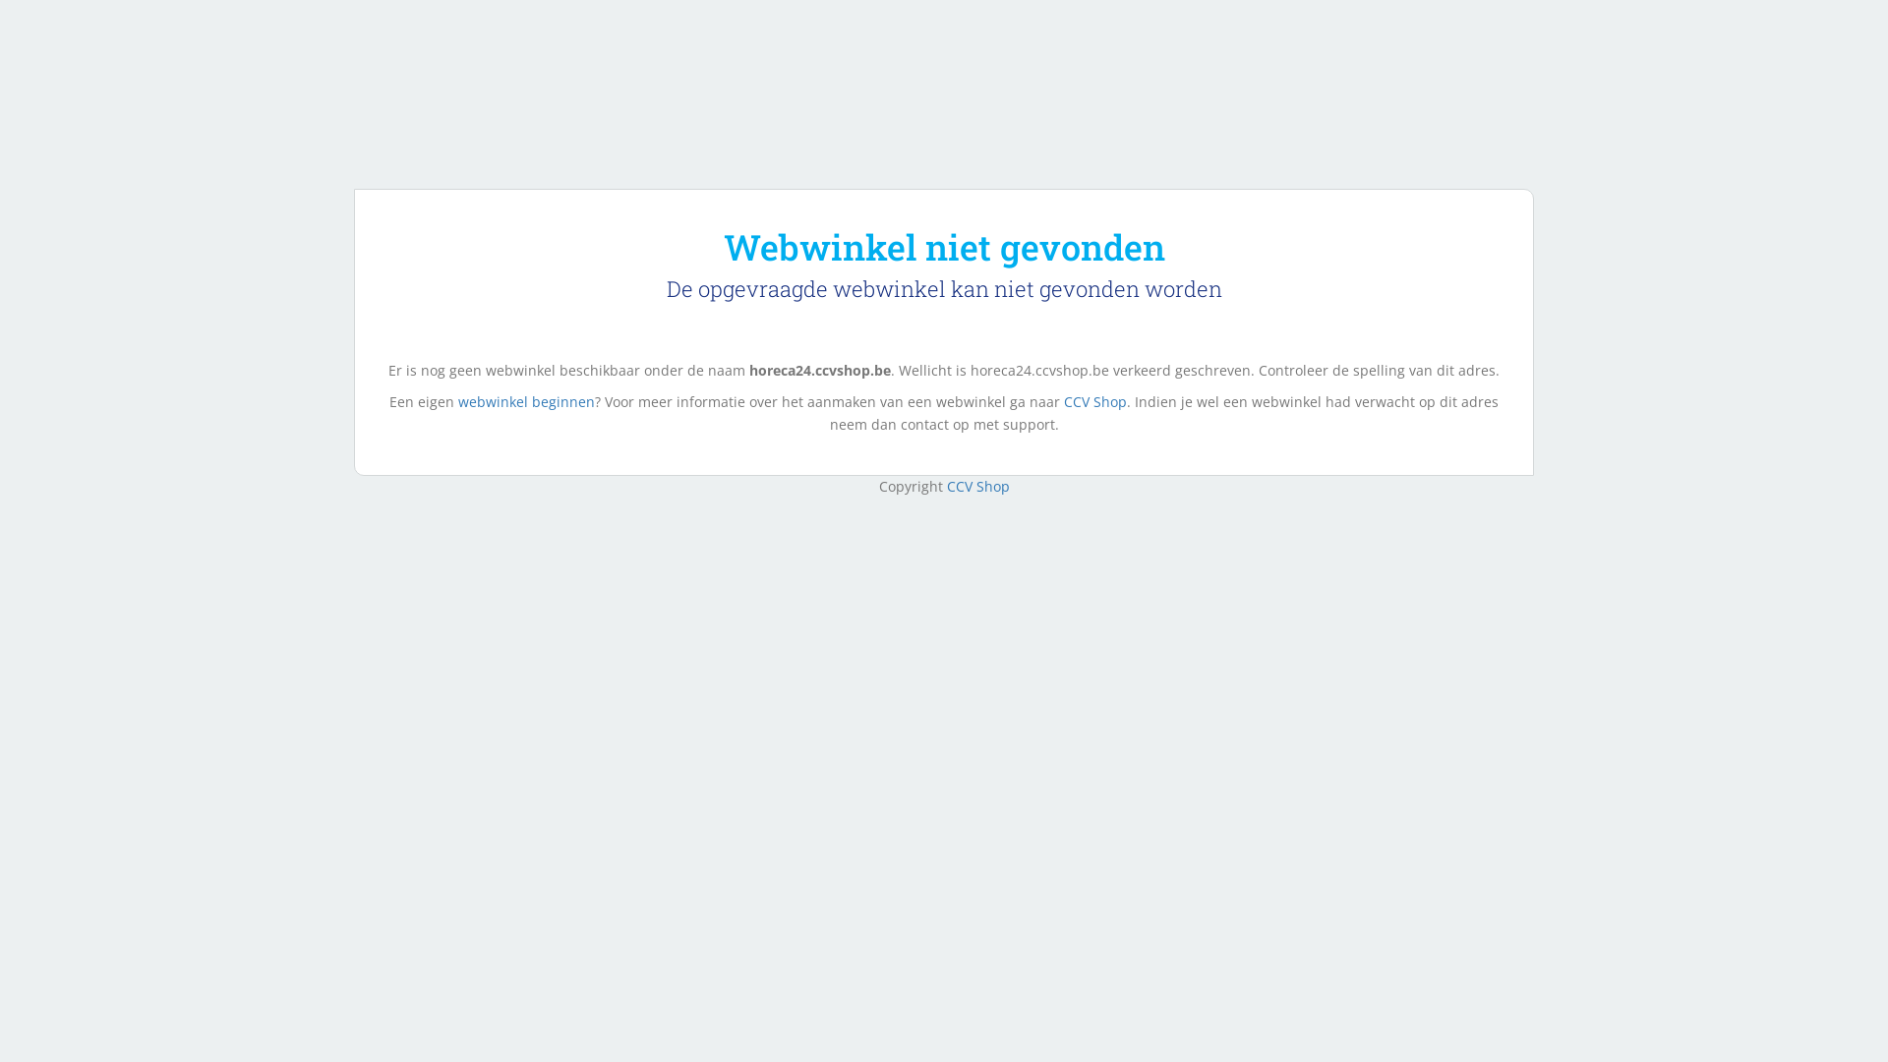  Describe the element at coordinates (976, 486) in the screenshot. I see `'CCV Shop'` at that location.